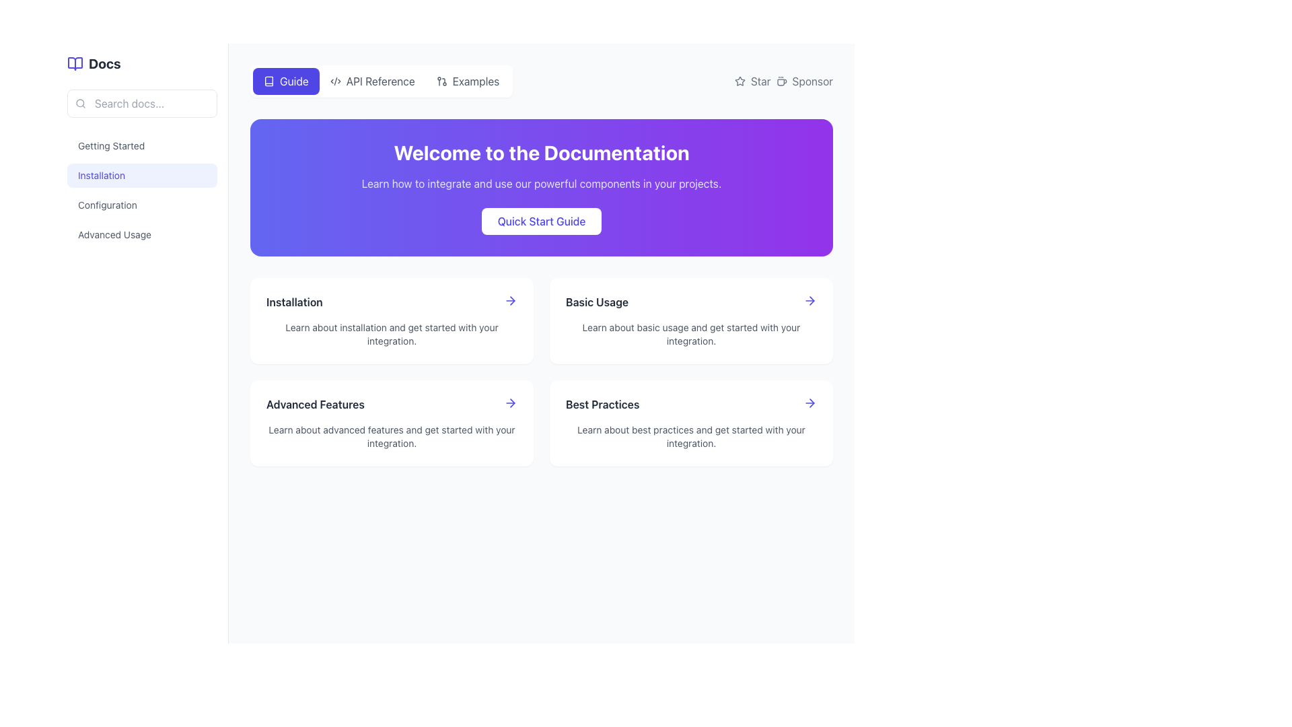  I want to click on the 'API Reference' button, which is a rounded rectangle button with a code-related icon, located in the horizontal navigation bar at the top center of the interface, so click(372, 81).